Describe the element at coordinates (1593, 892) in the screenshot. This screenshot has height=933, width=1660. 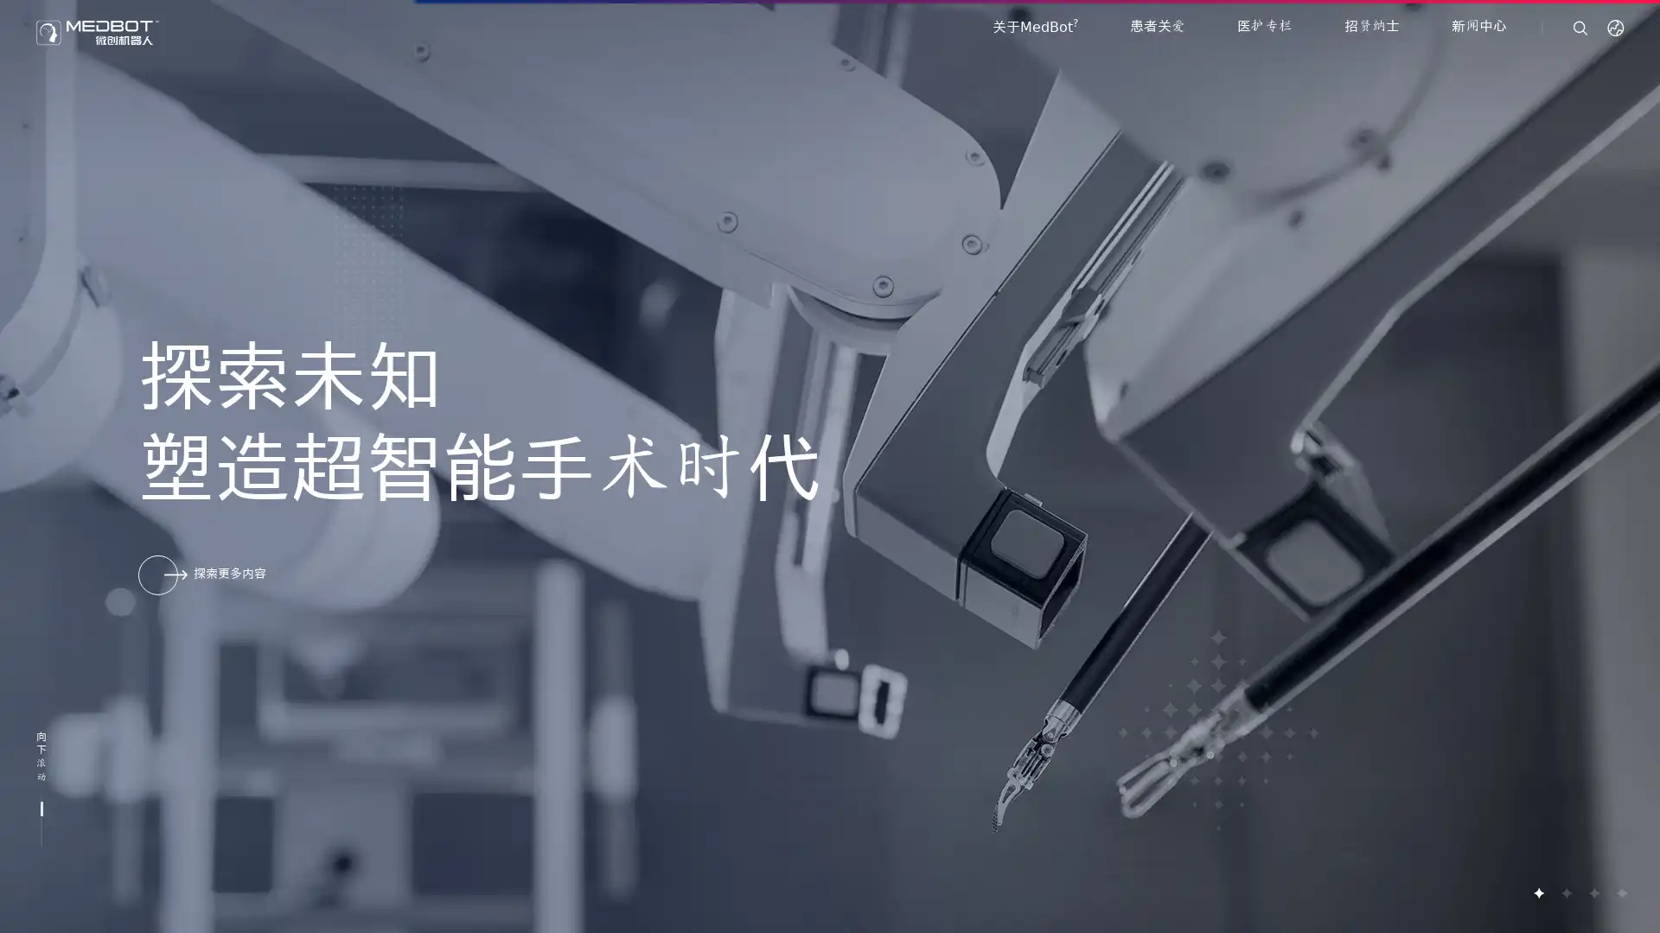
I see `Go to slide 3` at that location.